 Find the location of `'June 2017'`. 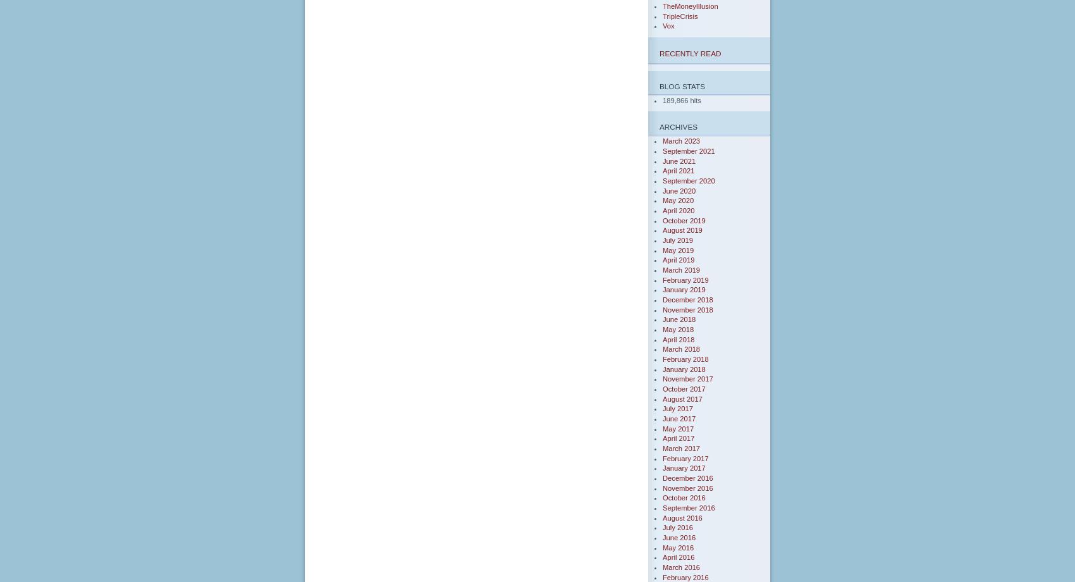

'June 2017' is located at coordinates (679, 418).